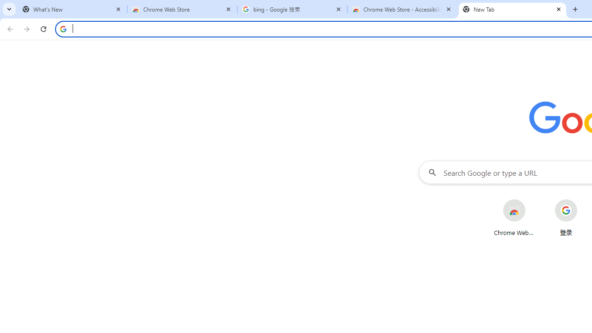 The width and height of the screenshot is (592, 333). Describe the element at coordinates (513, 217) in the screenshot. I see `'Chrome Web Store'` at that location.